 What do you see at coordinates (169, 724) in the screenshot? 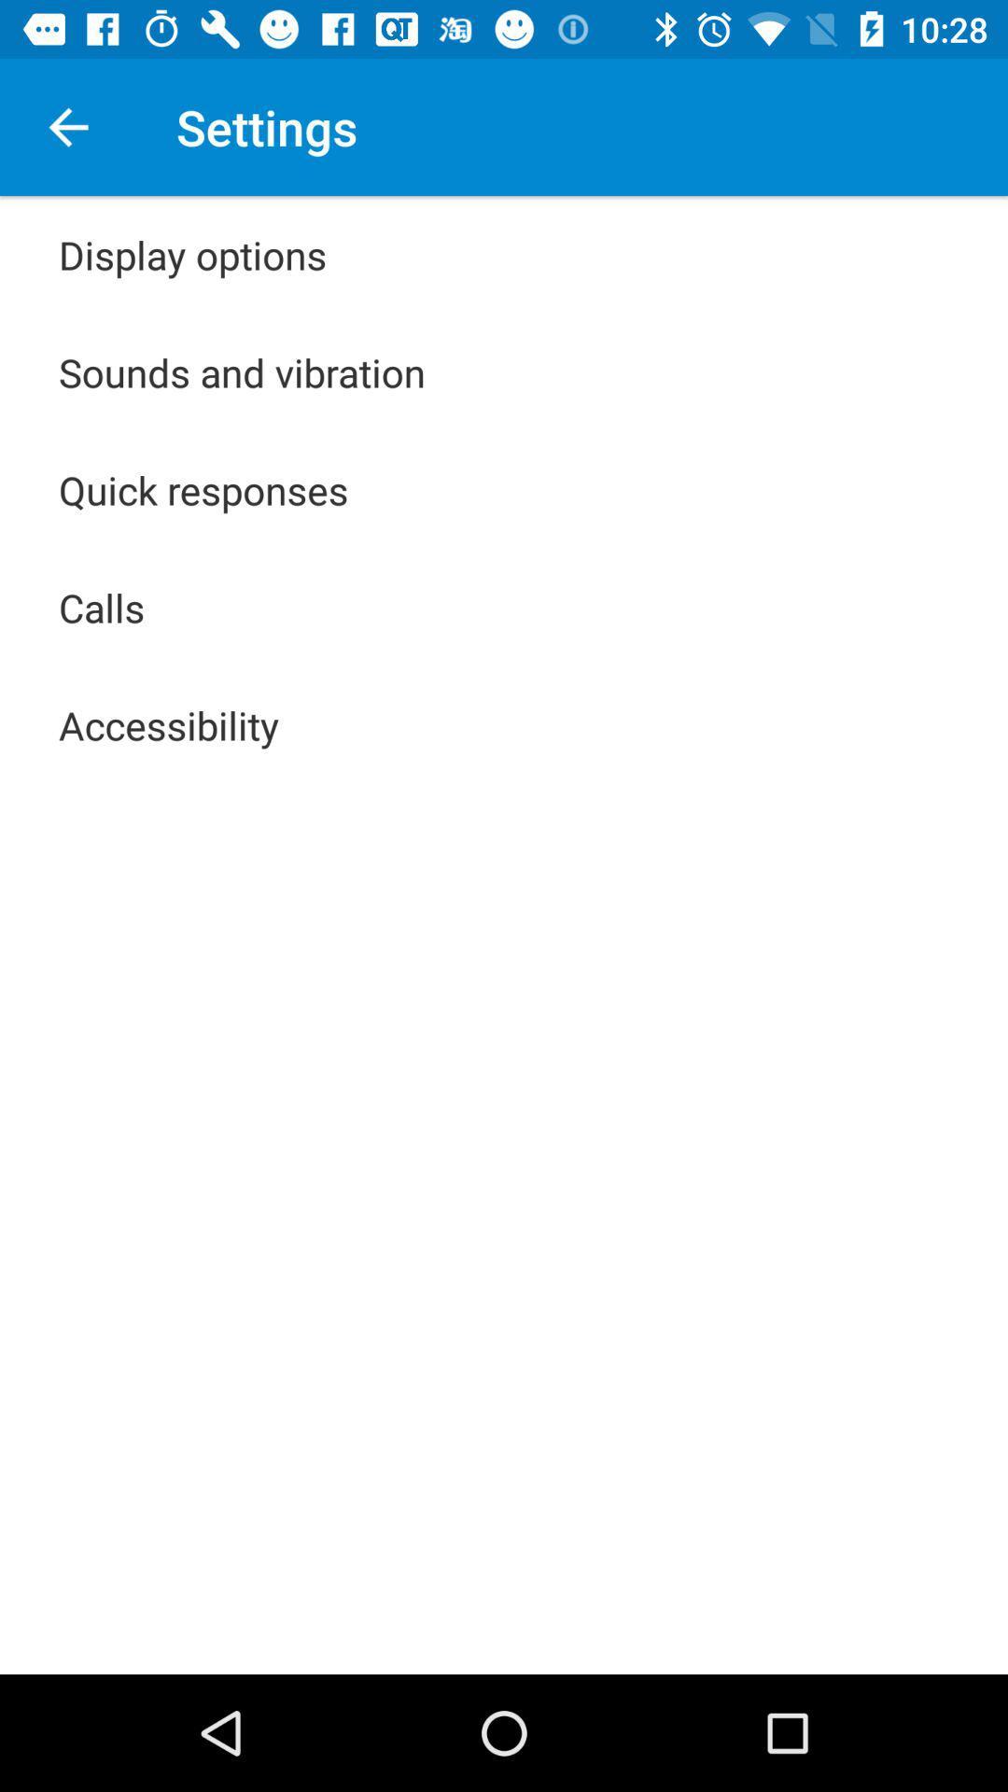
I see `item below calls` at bounding box center [169, 724].